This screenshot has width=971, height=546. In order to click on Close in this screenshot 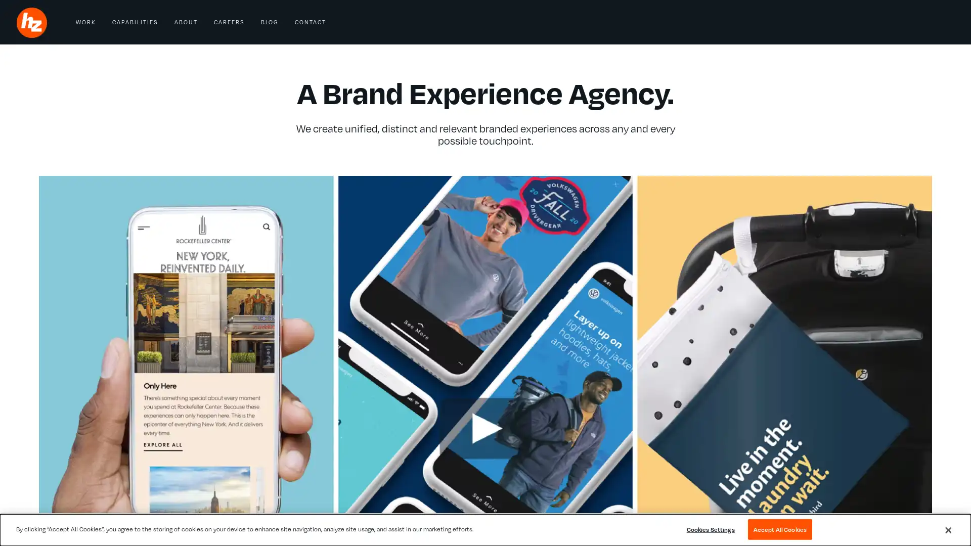, I will do `click(947, 529)`.